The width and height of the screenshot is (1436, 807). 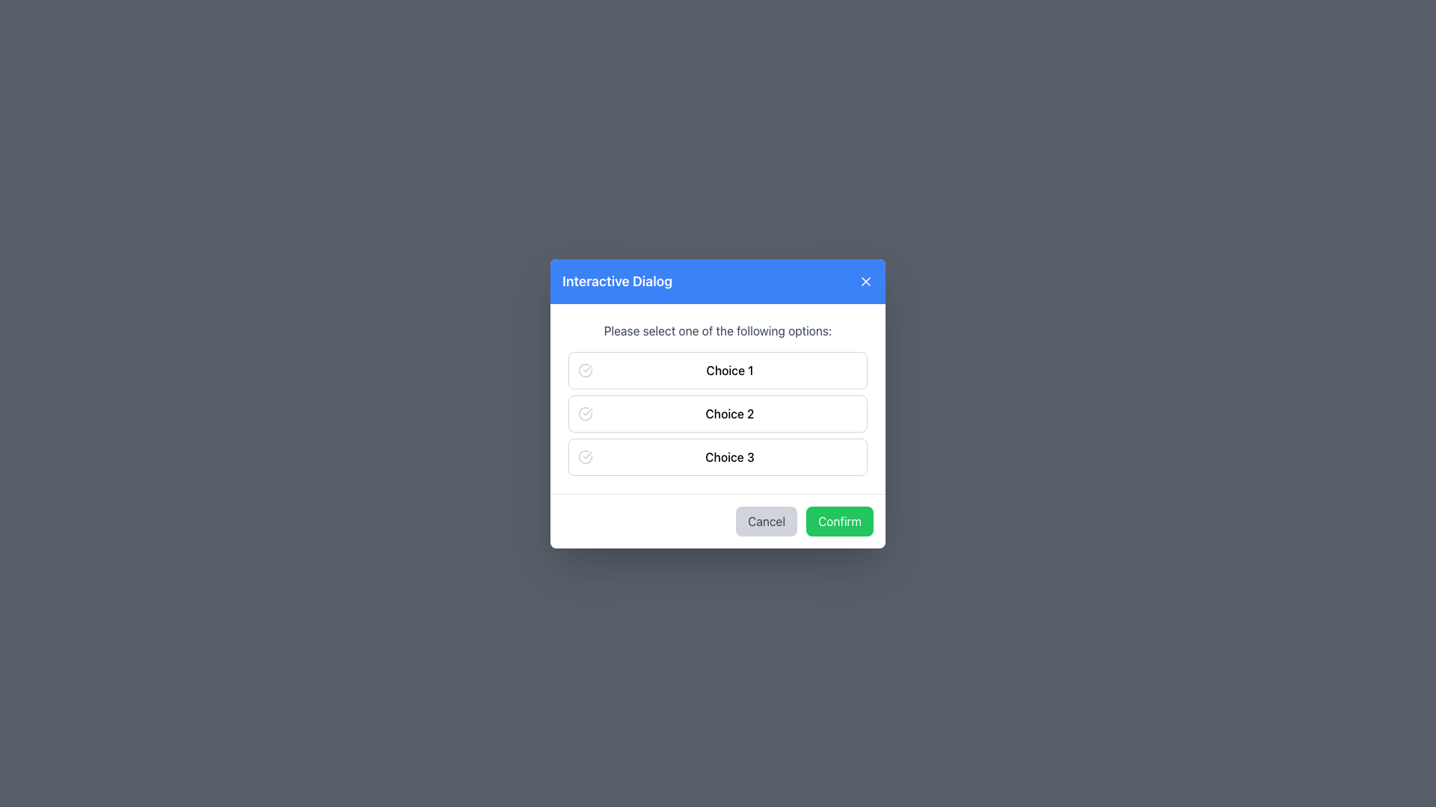 I want to click on the circular SVG graphic element that represents the first option (Choice 1) in the list of selectable options, located adjacent to the text label, so click(x=584, y=370).